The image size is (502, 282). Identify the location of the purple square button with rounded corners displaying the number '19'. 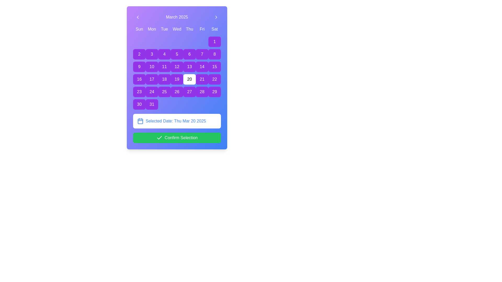
(177, 79).